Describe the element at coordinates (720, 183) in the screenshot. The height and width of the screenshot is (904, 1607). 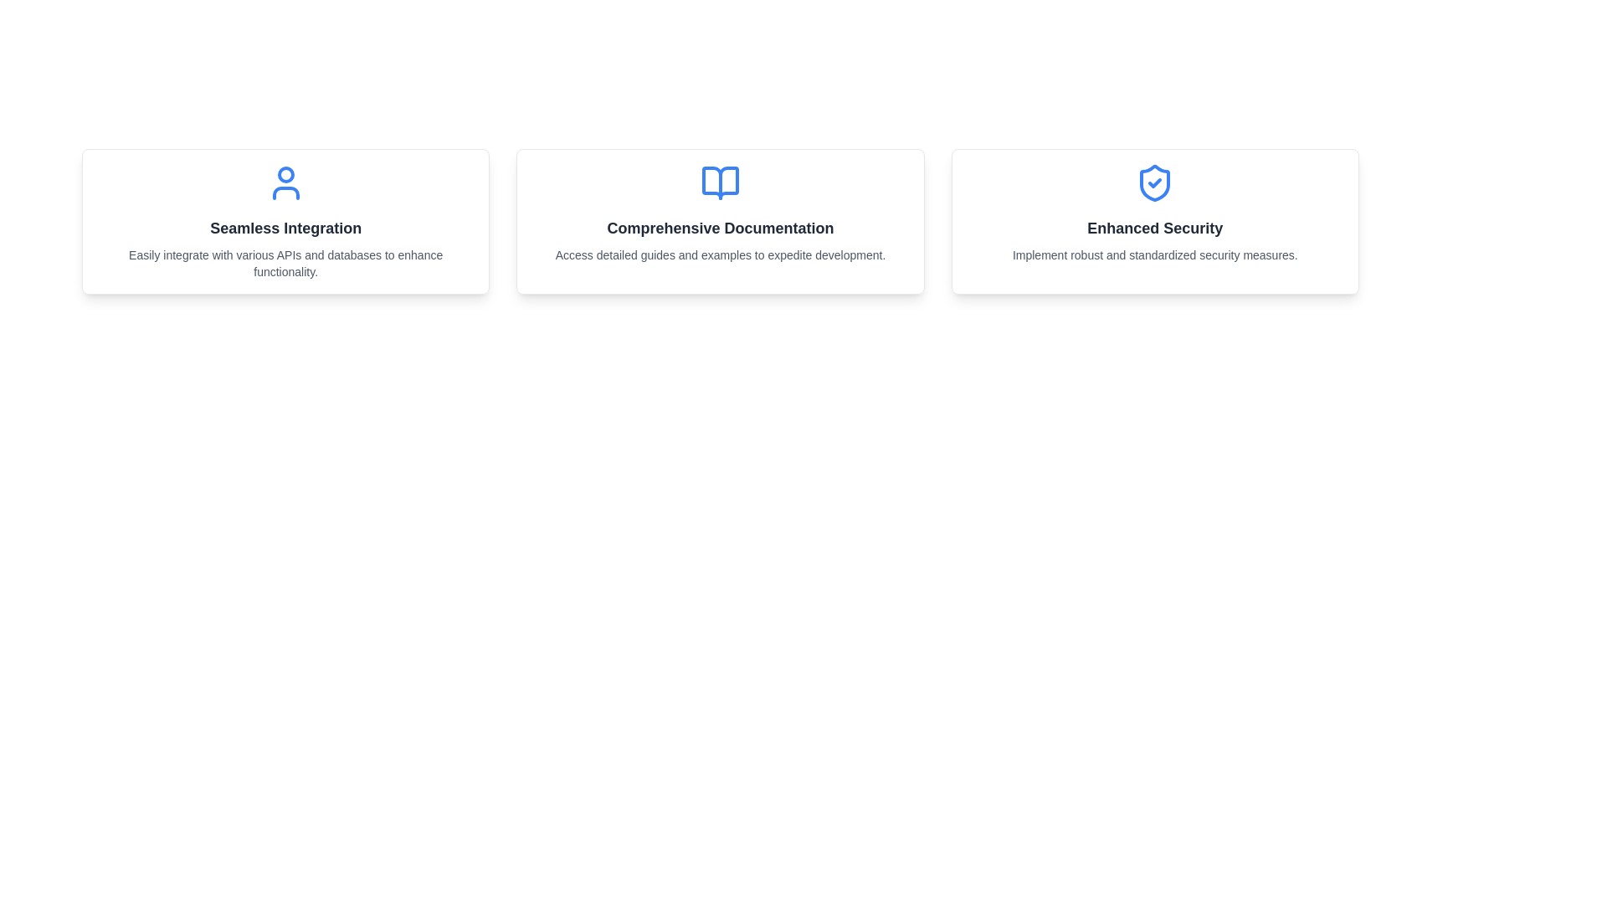
I see `the book icon, which is a blue stylized representation of an open book located in the central card above the title 'Comprehensive Documentation'` at that location.